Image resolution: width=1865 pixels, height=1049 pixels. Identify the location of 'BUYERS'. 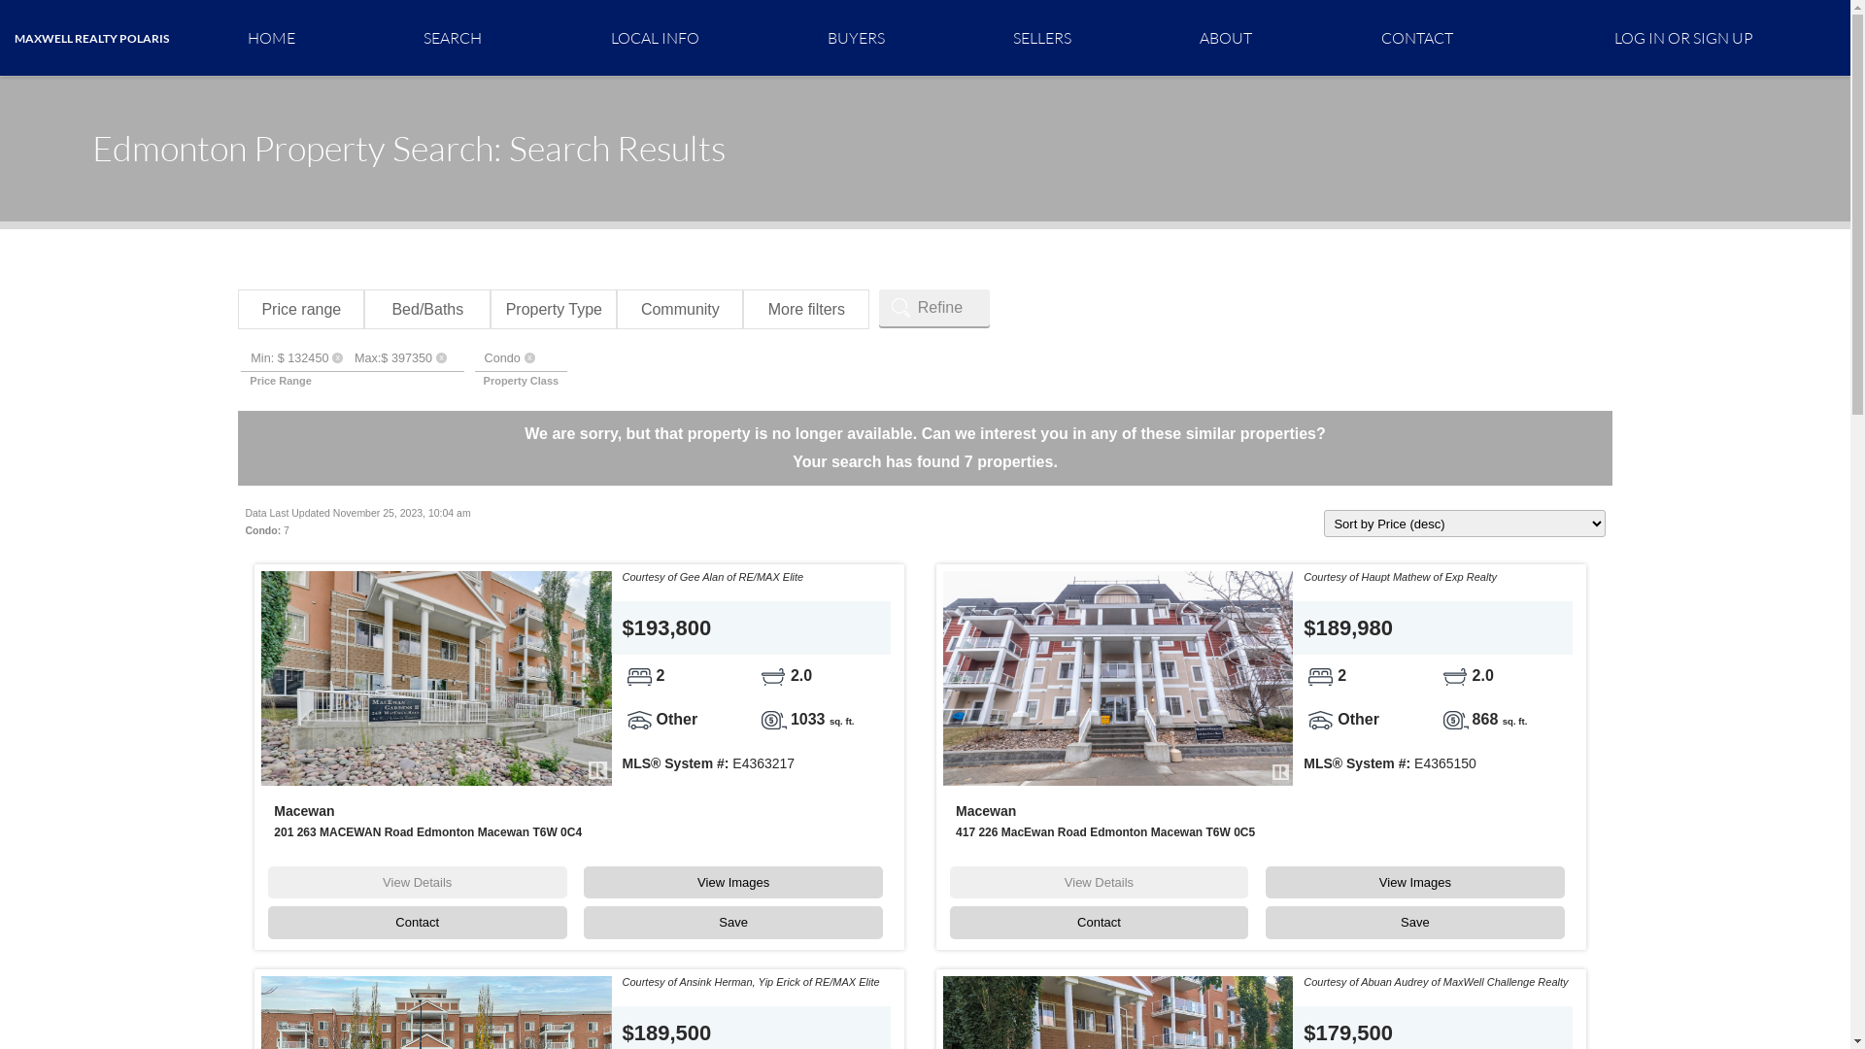
(855, 37).